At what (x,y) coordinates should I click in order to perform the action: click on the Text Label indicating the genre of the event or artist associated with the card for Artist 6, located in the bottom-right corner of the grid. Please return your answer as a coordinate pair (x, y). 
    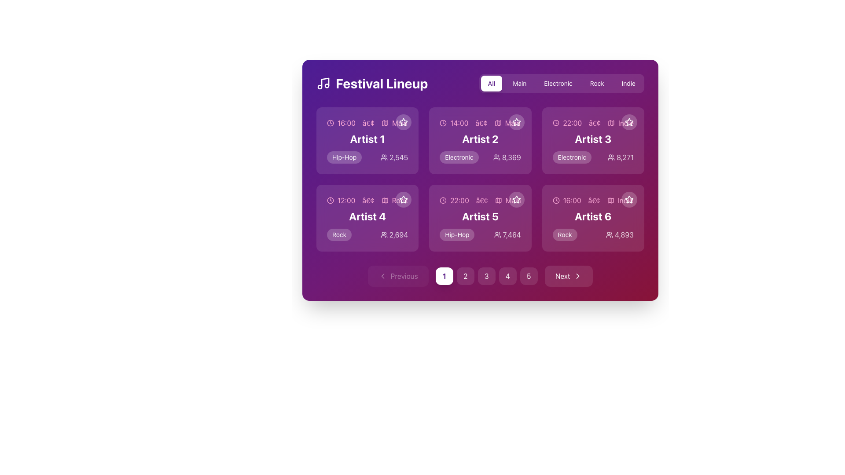
    Looking at the image, I should click on (625, 200).